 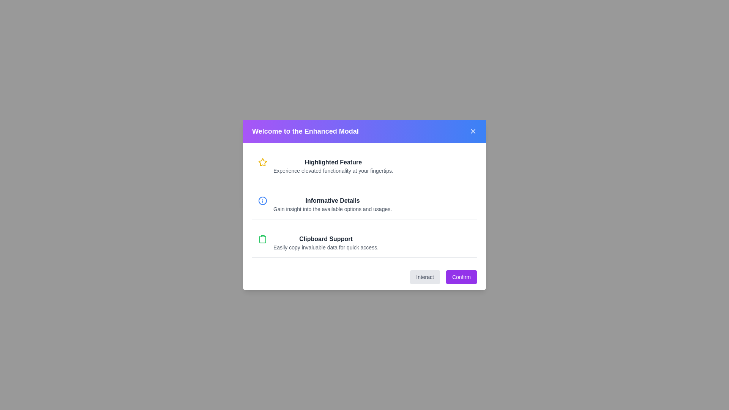 I want to click on the SVG-based icon resembling a cross in the top-right corner of the modal window to change its appearance, so click(x=472, y=131).